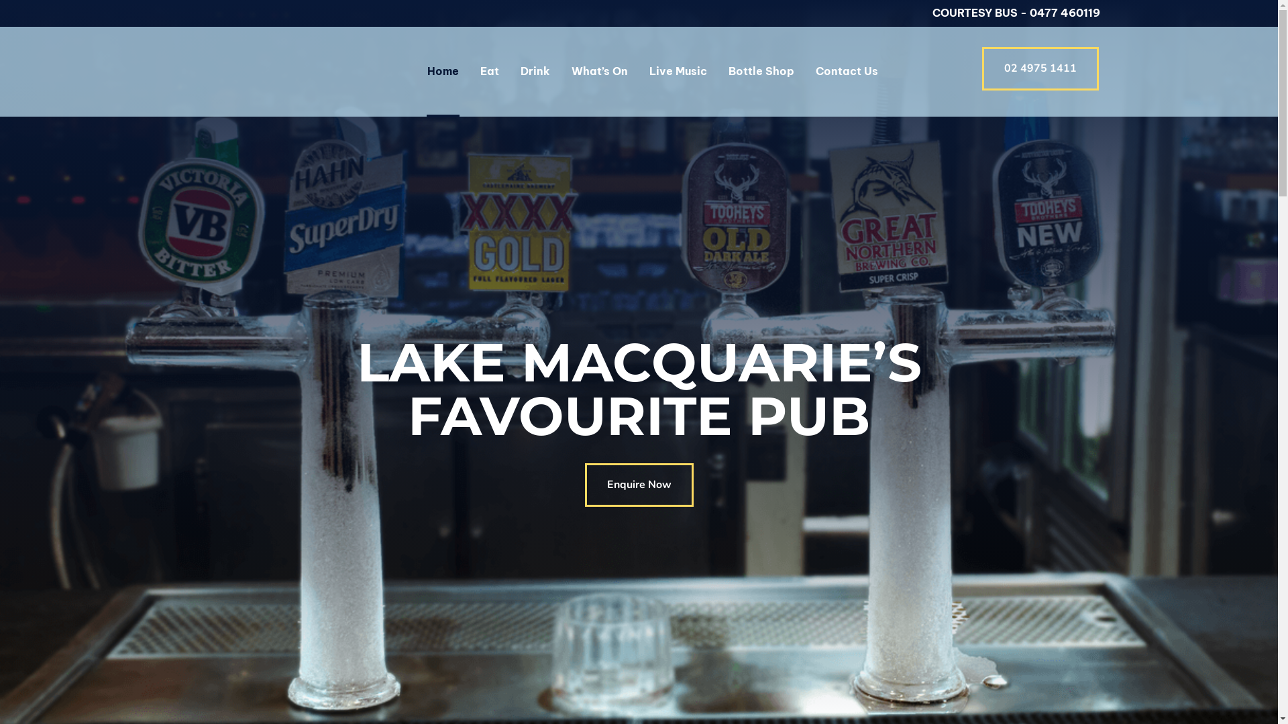 Image resolution: width=1288 pixels, height=724 pixels. Describe the element at coordinates (814, 70) in the screenshot. I see `'Contact Us'` at that location.